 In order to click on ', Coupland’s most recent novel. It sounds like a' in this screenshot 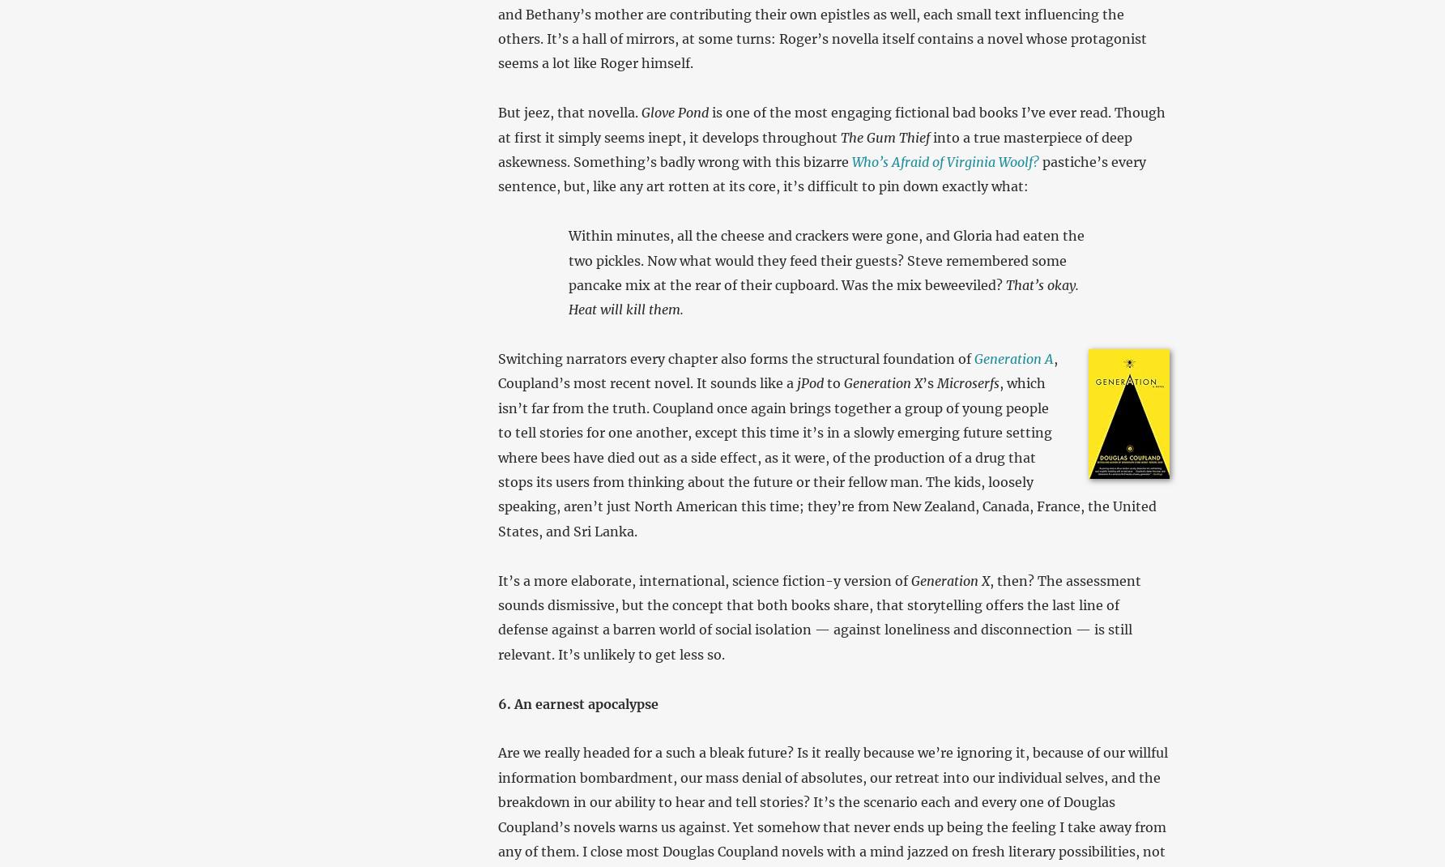, I will do `click(777, 370)`.